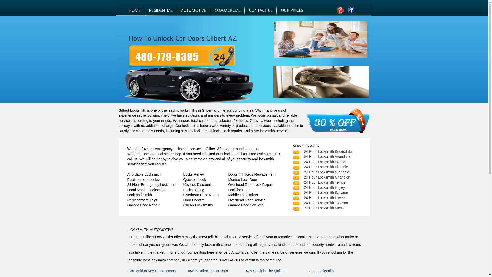 Image resolution: width=492 pixels, height=277 pixels. I want to click on 'Car Ignition Key Replacement', so click(152, 271).